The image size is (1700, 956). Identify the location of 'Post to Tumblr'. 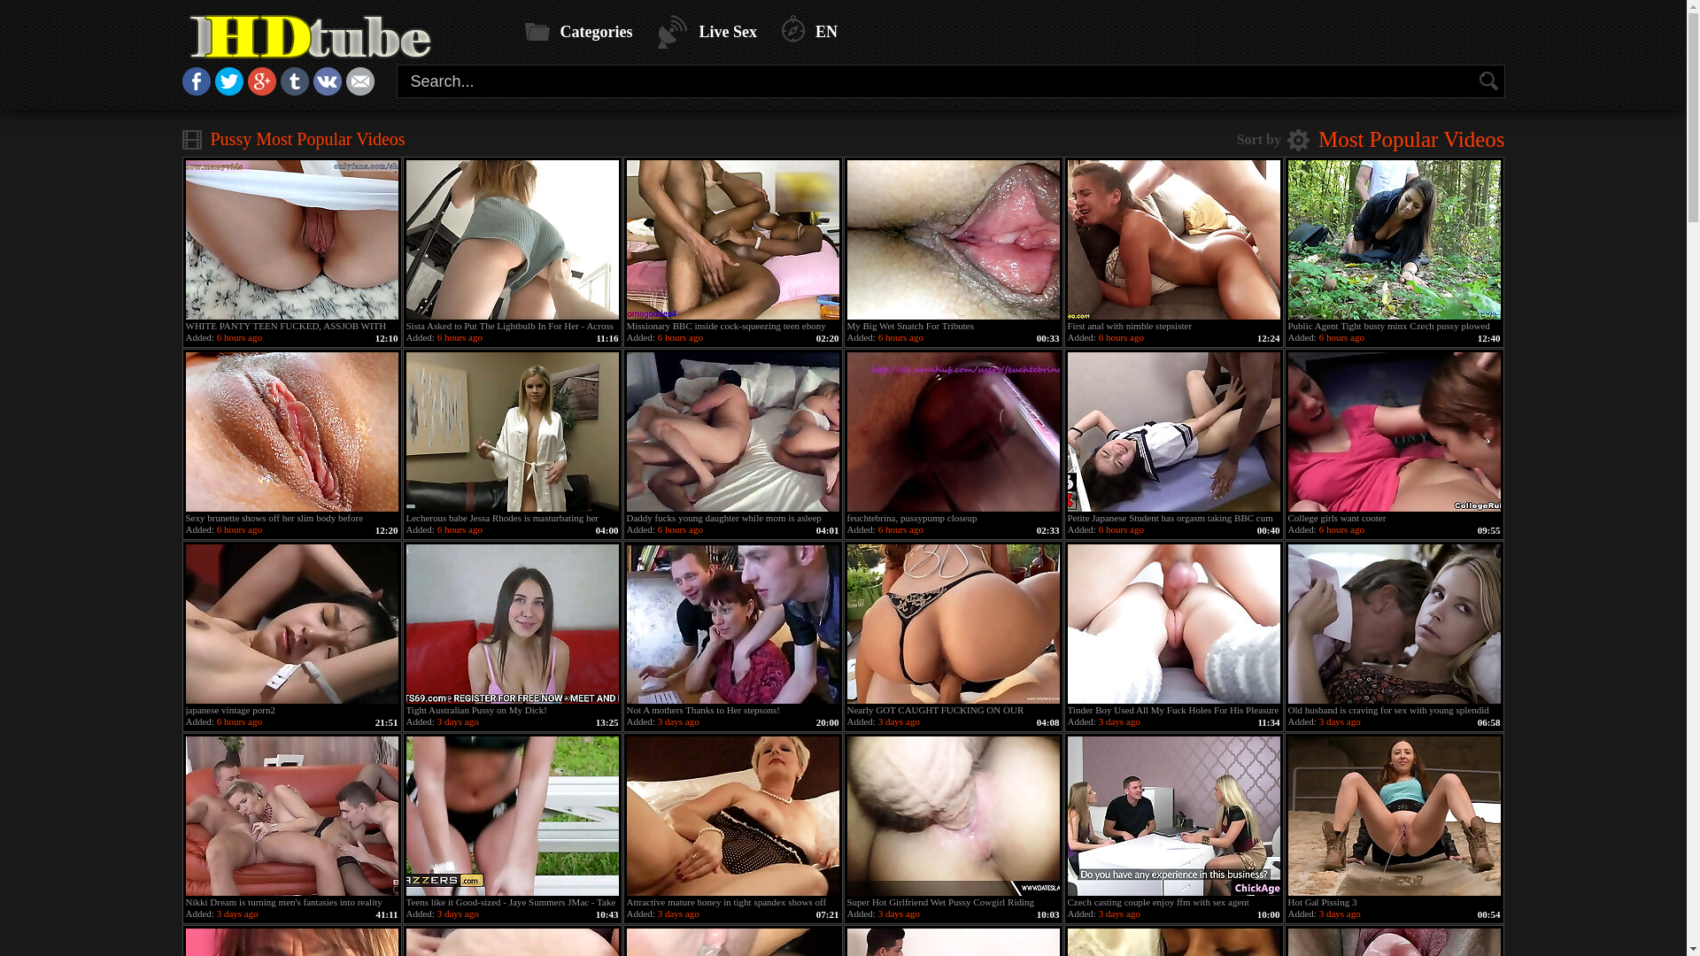
(279, 90).